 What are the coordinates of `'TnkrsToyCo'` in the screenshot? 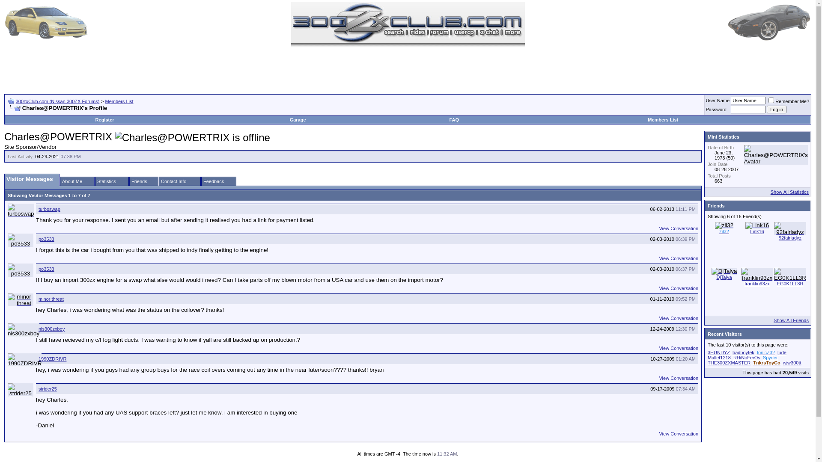 It's located at (766, 363).